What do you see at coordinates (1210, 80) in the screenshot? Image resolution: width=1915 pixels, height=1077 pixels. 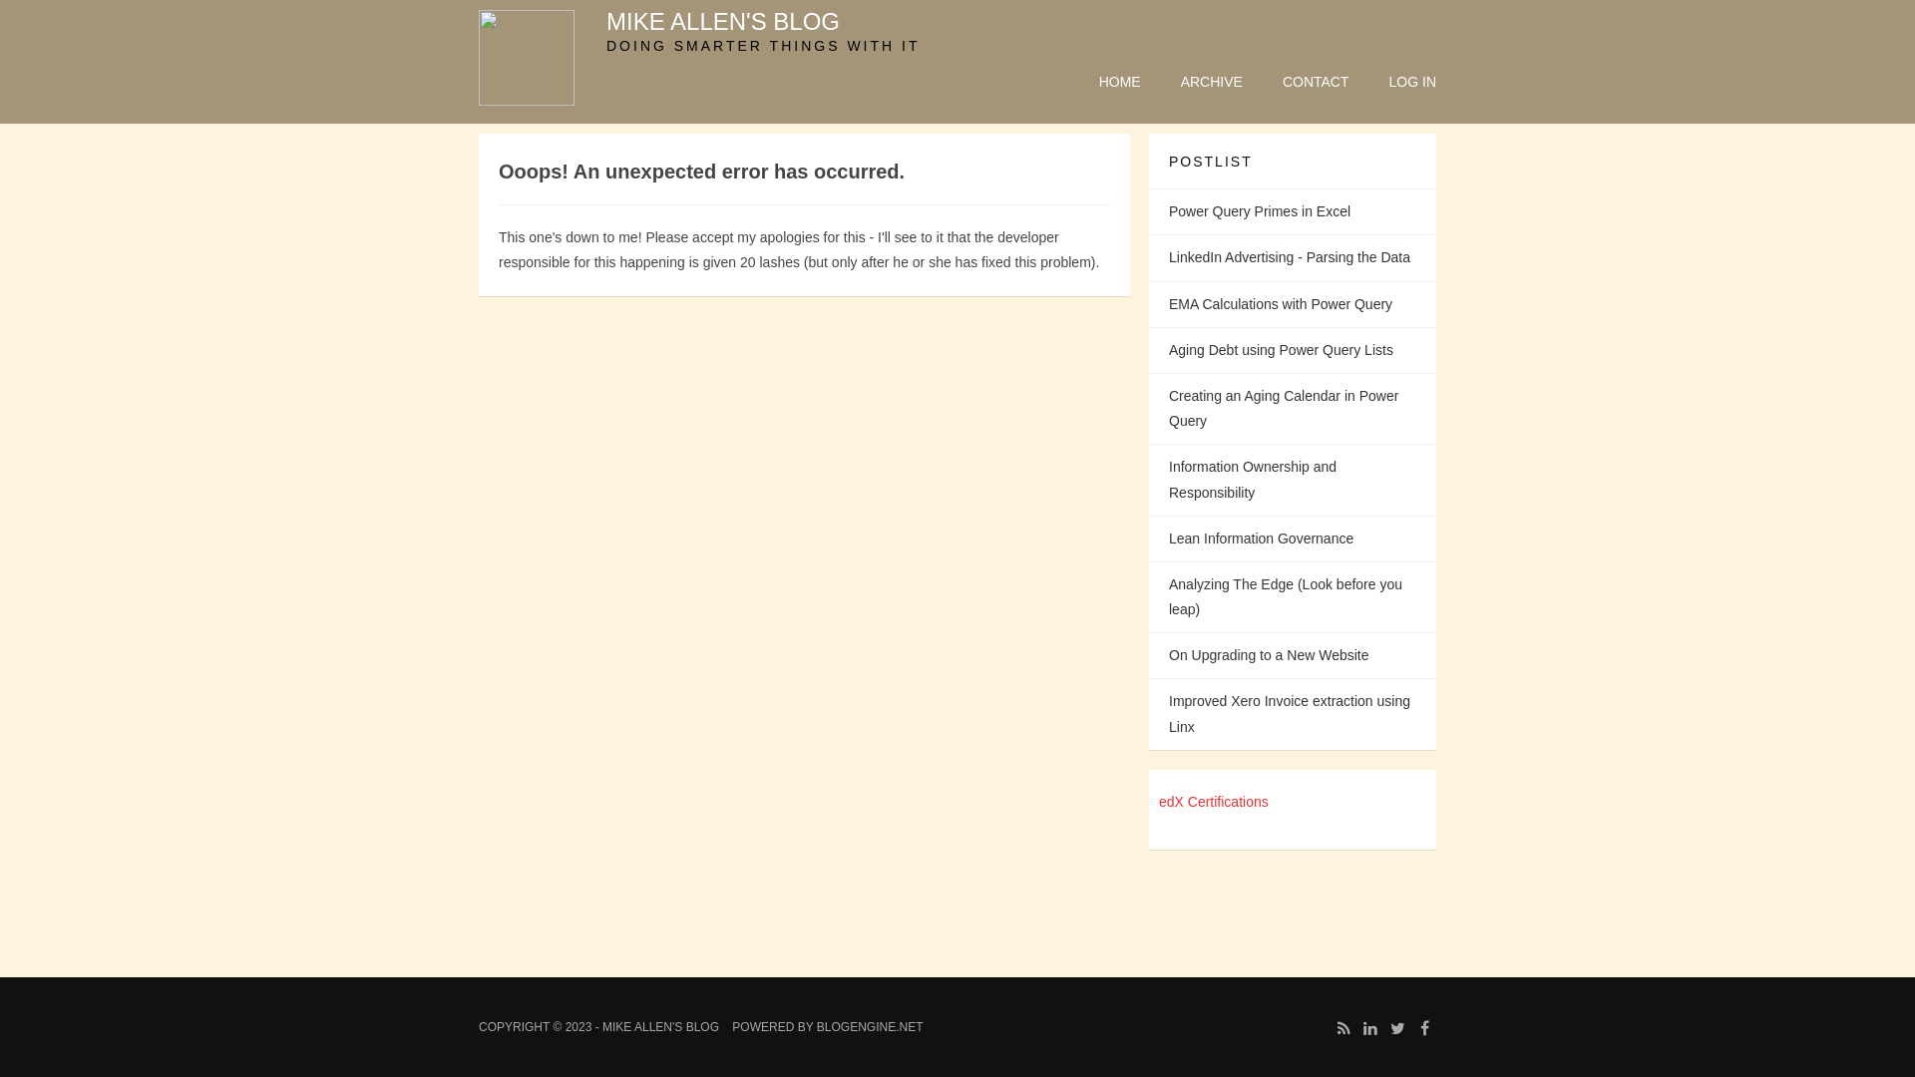 I see `'ARCHIVE'` at bounding box center [1210, 80].